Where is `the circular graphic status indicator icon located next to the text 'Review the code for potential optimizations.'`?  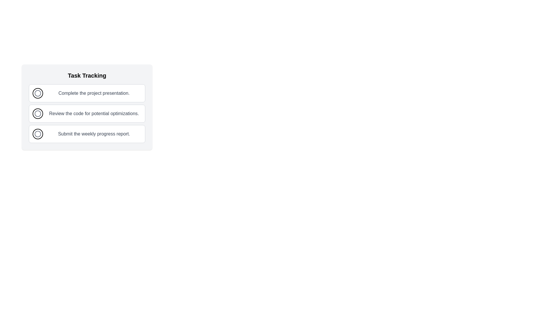 the circular graphic status indicator icon located next to the text 'Review the code for potential optimizations.' is located at coordinates (37, 113).